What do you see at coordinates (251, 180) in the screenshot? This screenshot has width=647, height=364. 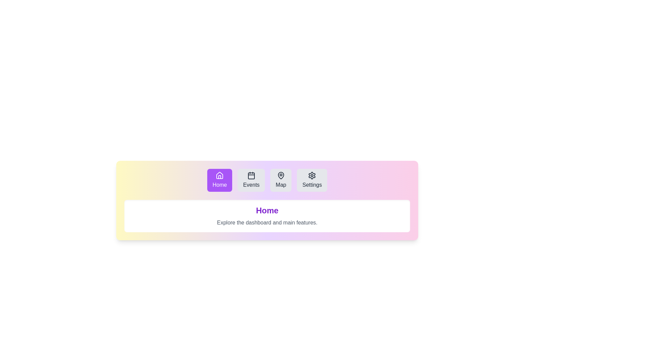 I see `the Events tab to observe its hover effect` at bounding box center [251, 180].